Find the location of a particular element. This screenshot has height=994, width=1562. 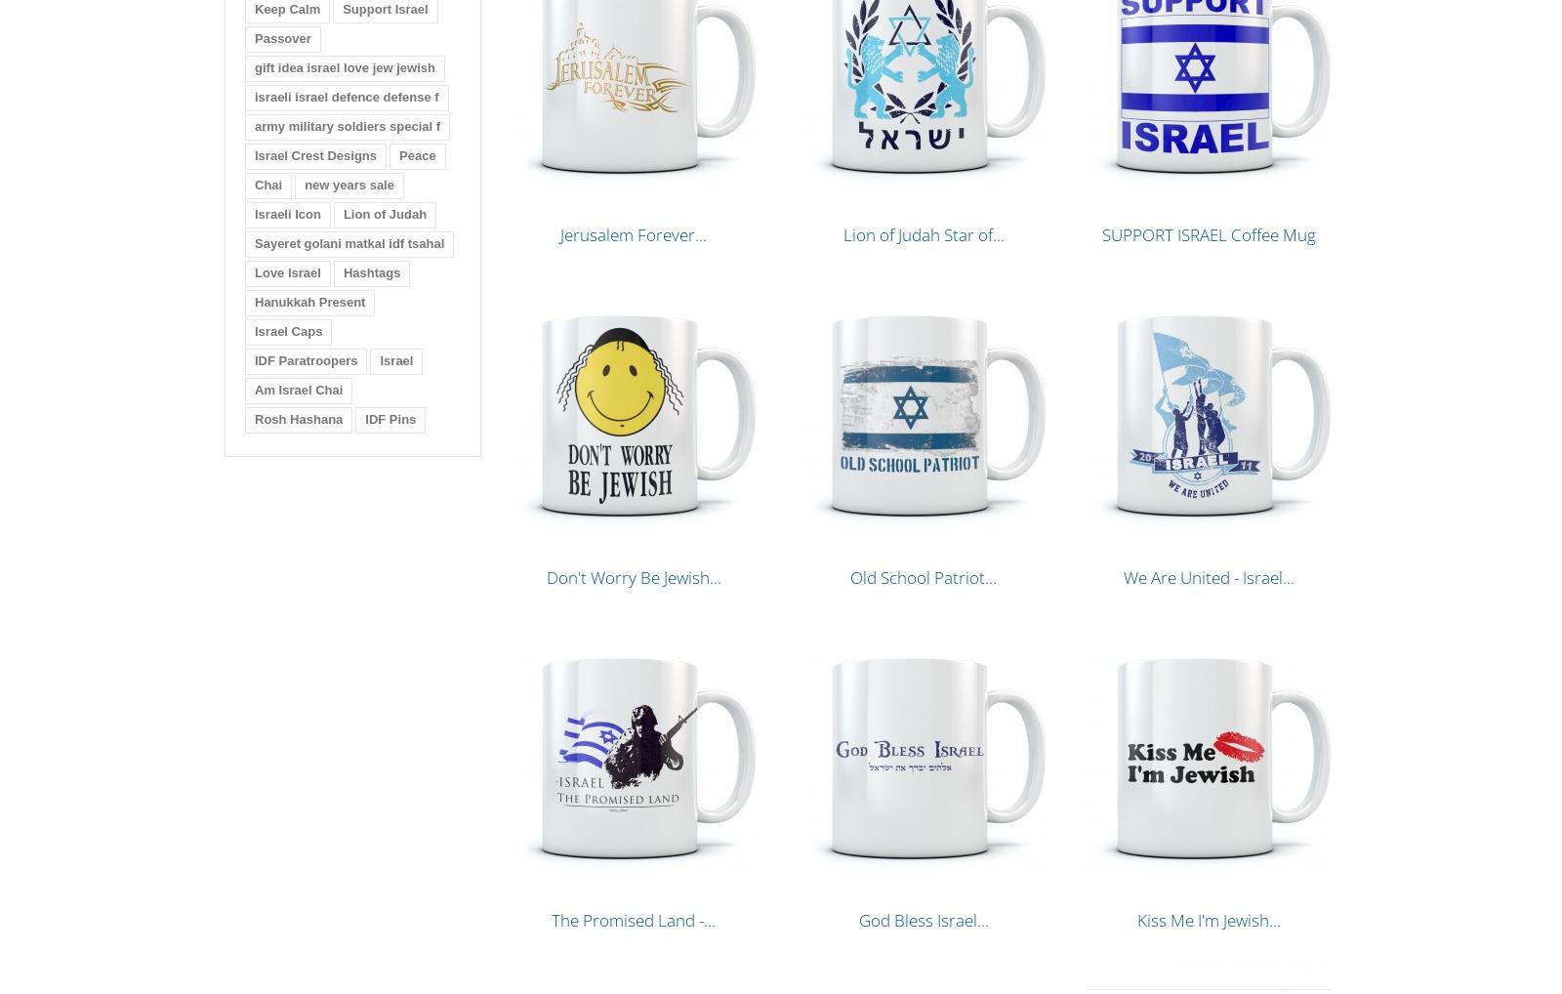

'Love Israel' is located at coordinates (287, 272).